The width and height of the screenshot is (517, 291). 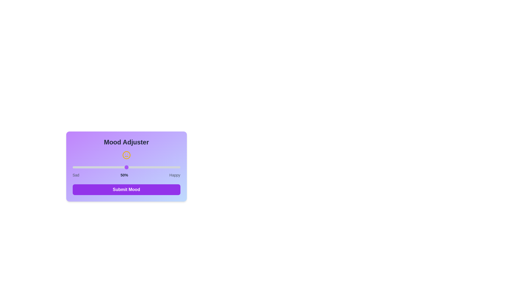 What do you see at coordinates (79, 167) in the screenshot?
I see `the mood slider to 6% to observe the mood icon change` at bounding box center [79, 167].